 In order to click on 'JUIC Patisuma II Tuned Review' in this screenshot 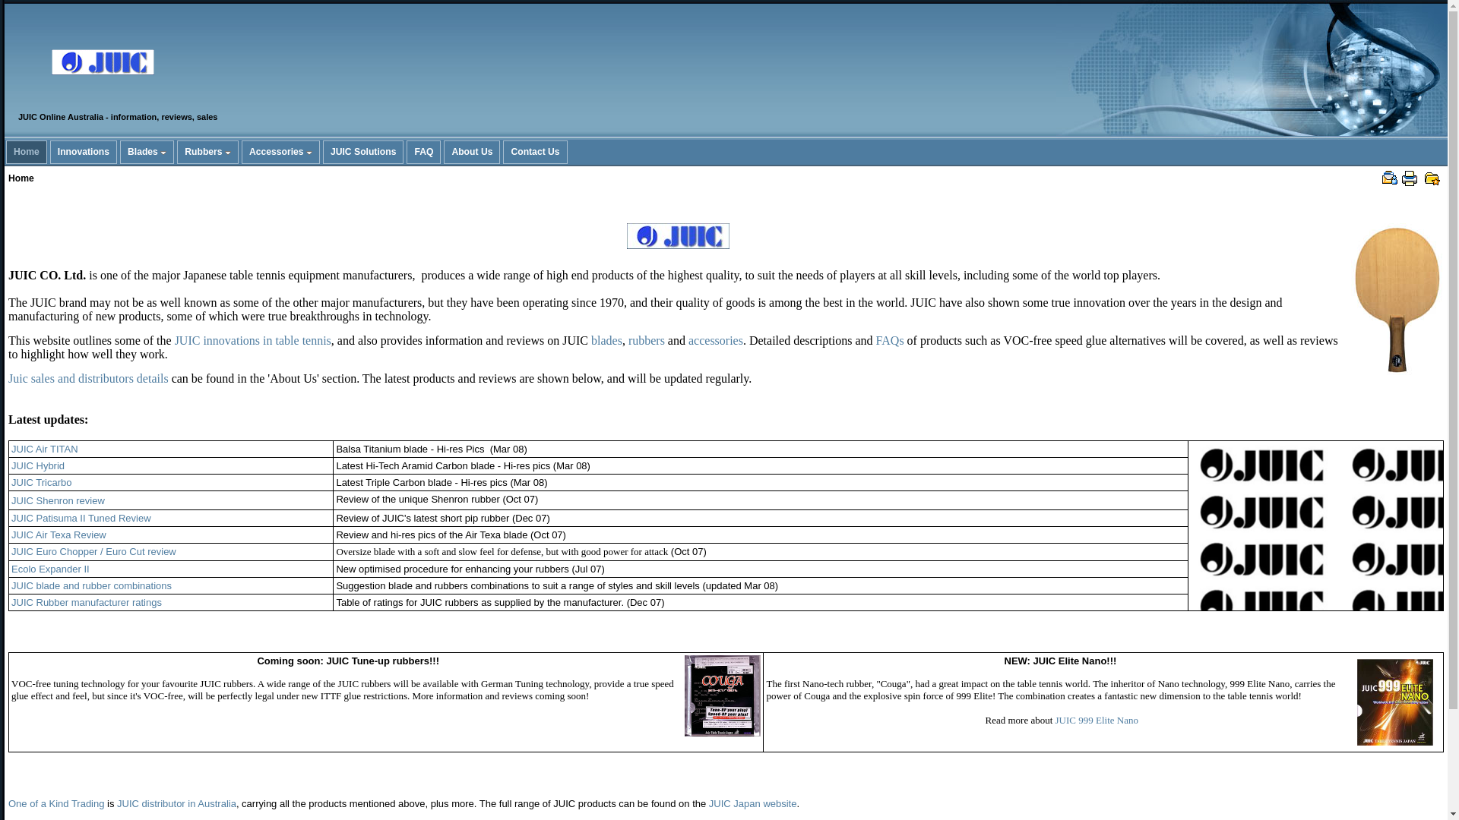, I will do `click(80, 517)`.